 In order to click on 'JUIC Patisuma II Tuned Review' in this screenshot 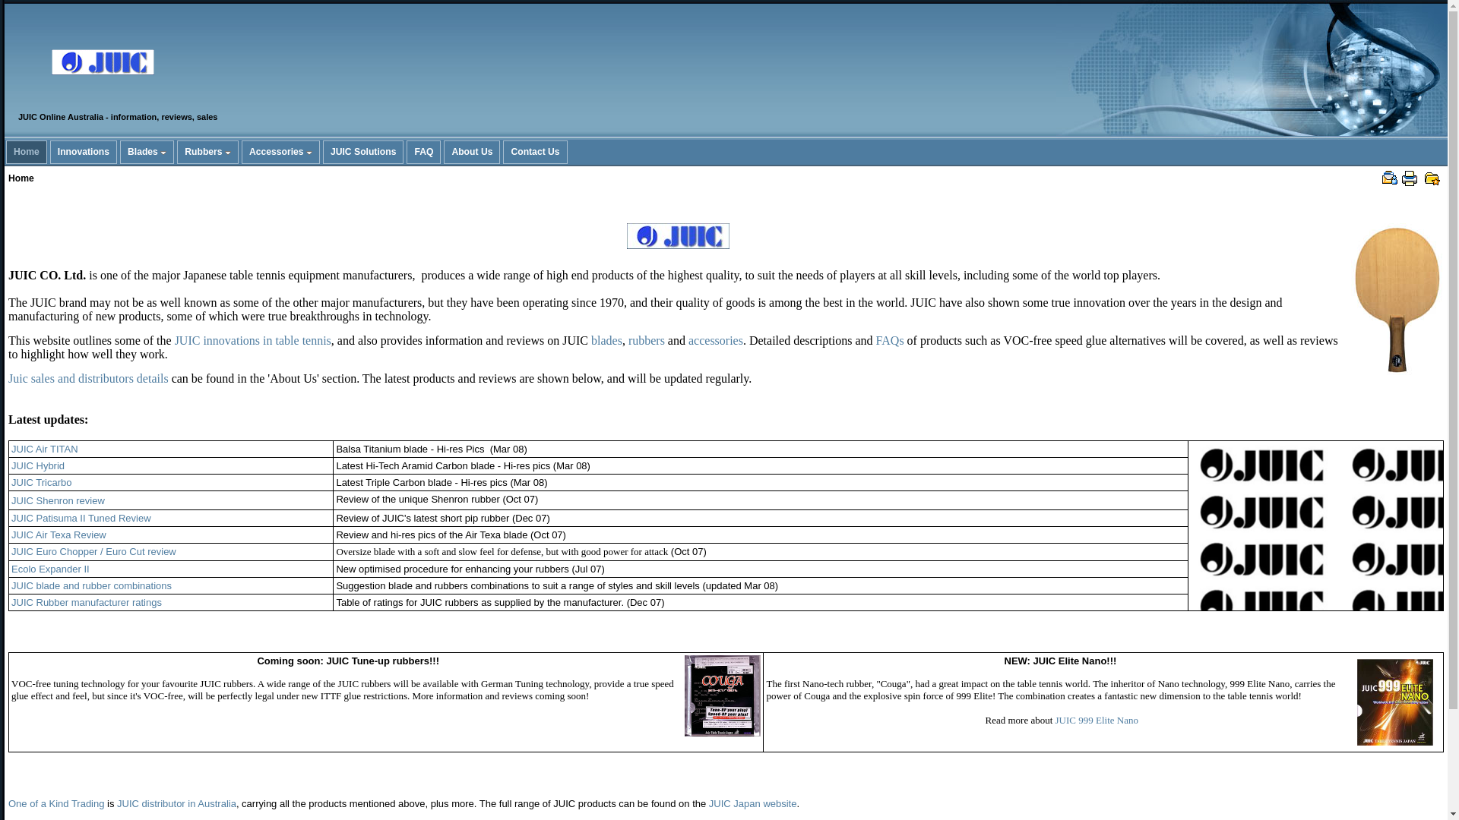, I will do `click(80, 517)`.